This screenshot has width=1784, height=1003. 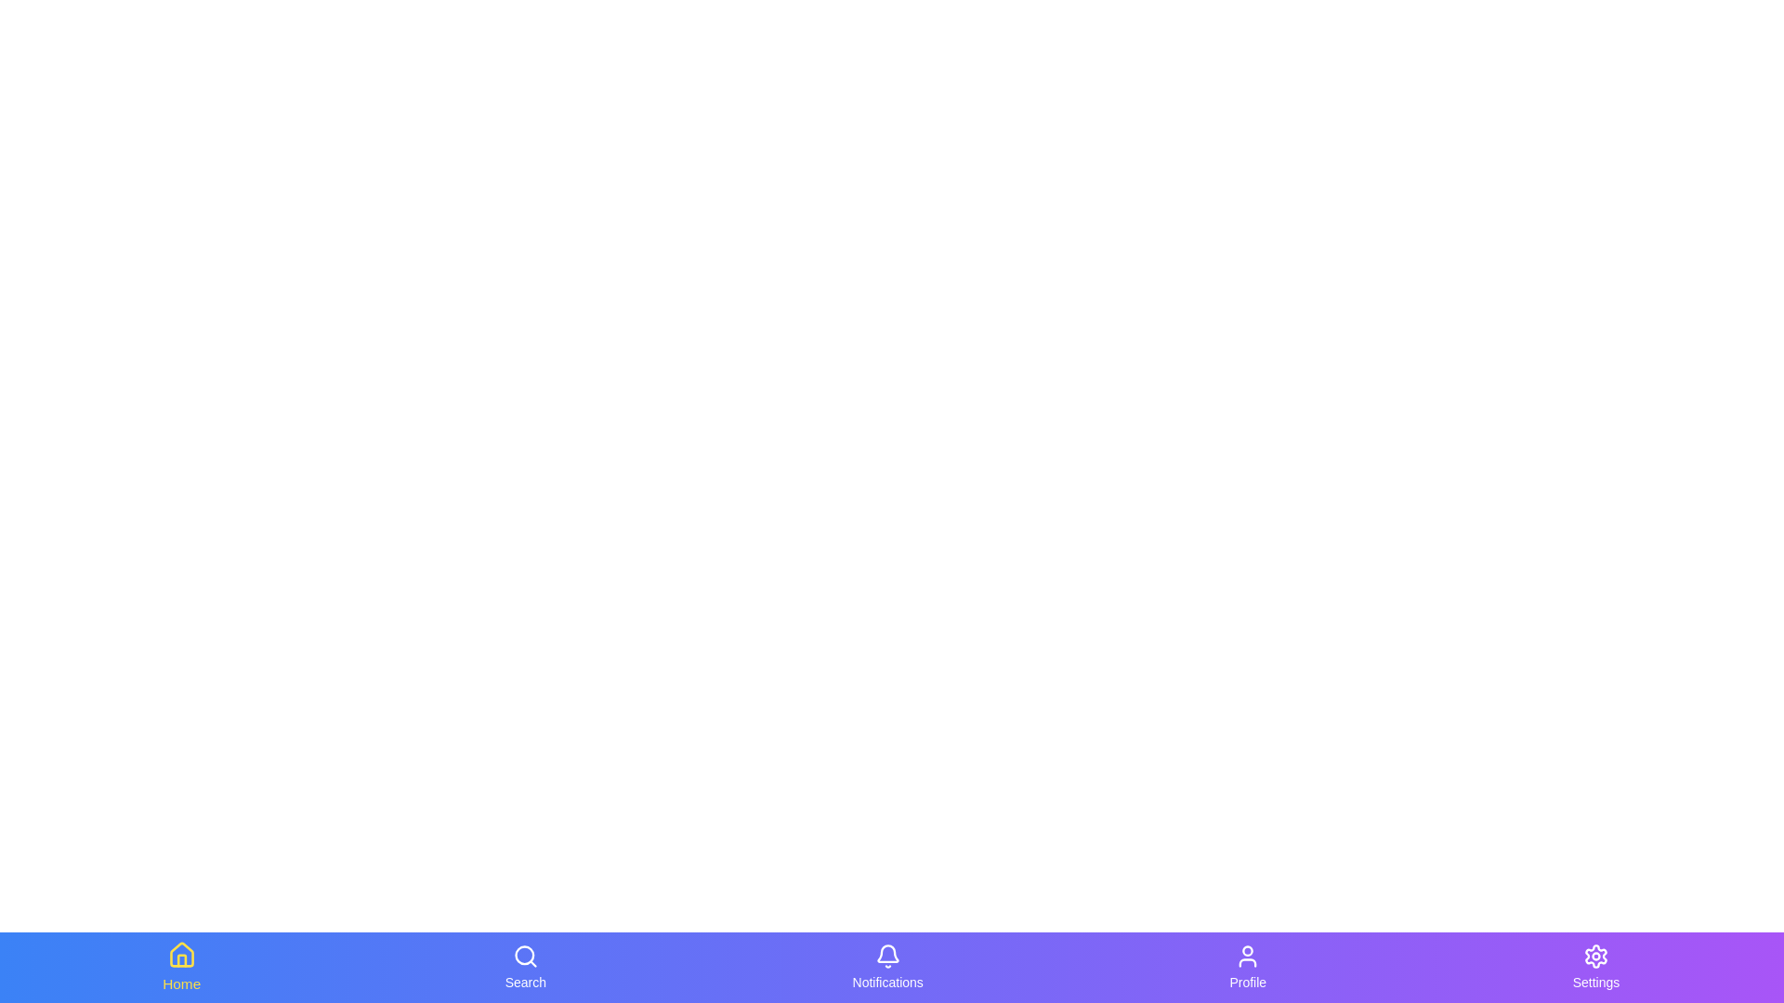 I want to click on the Notifications navigation tab, so click(x=886, y=966).